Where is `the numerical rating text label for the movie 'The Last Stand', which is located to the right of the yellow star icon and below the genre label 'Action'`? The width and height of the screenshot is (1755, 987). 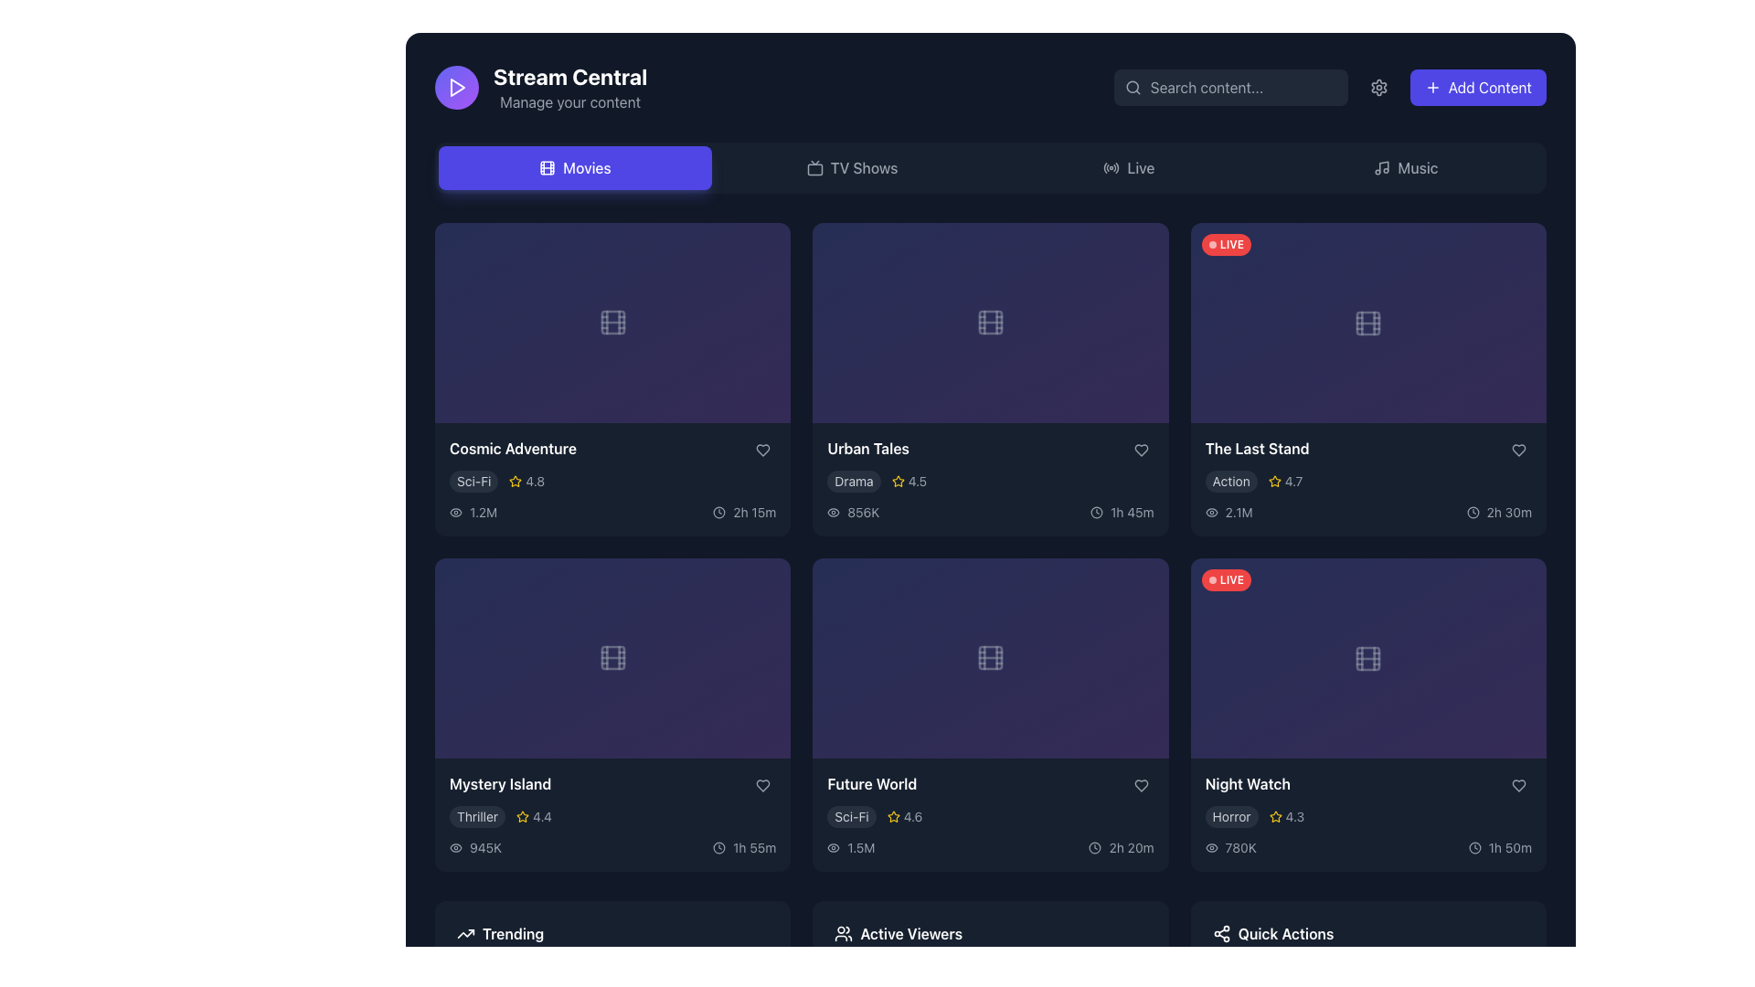 the numerical rating text label for the movie 'The Last Stand', which is located to the right of the yellow star icon and below the genre label 'Action' is located at coordinates (1292, 481).